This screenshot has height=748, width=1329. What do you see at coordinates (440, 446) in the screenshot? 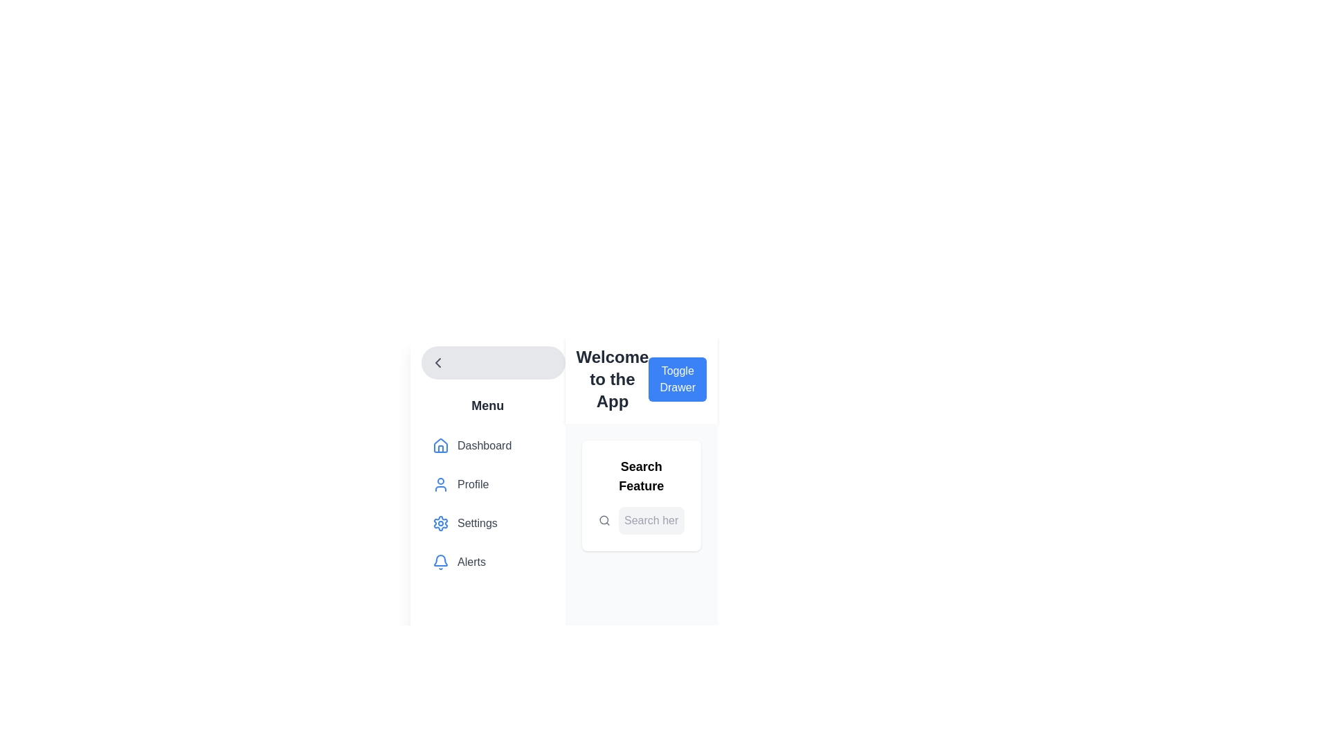
I see `the 'Dashboard' menu icon, which is positioned to the left of the 'Dashboard' text in the navigation pane, above the 'Profile' icon` at bounding box center [440, 446].